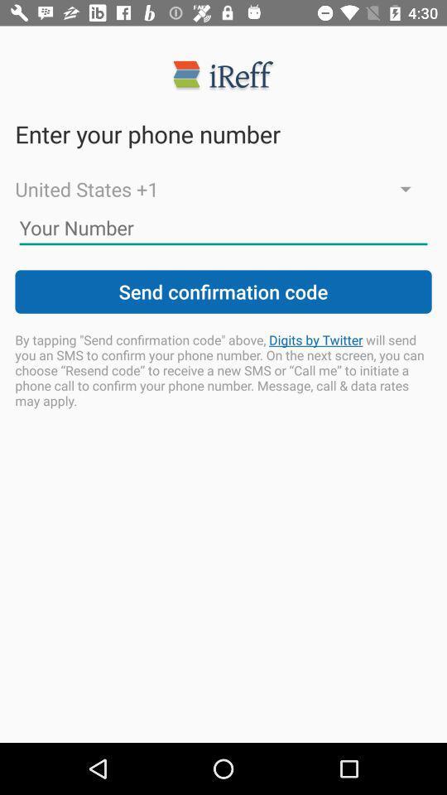 Image resolution: width=447 pixels, height=795 pixels. Describe the element at coordinates (223, 227) in the screenshot. I see `phone number` at that location.